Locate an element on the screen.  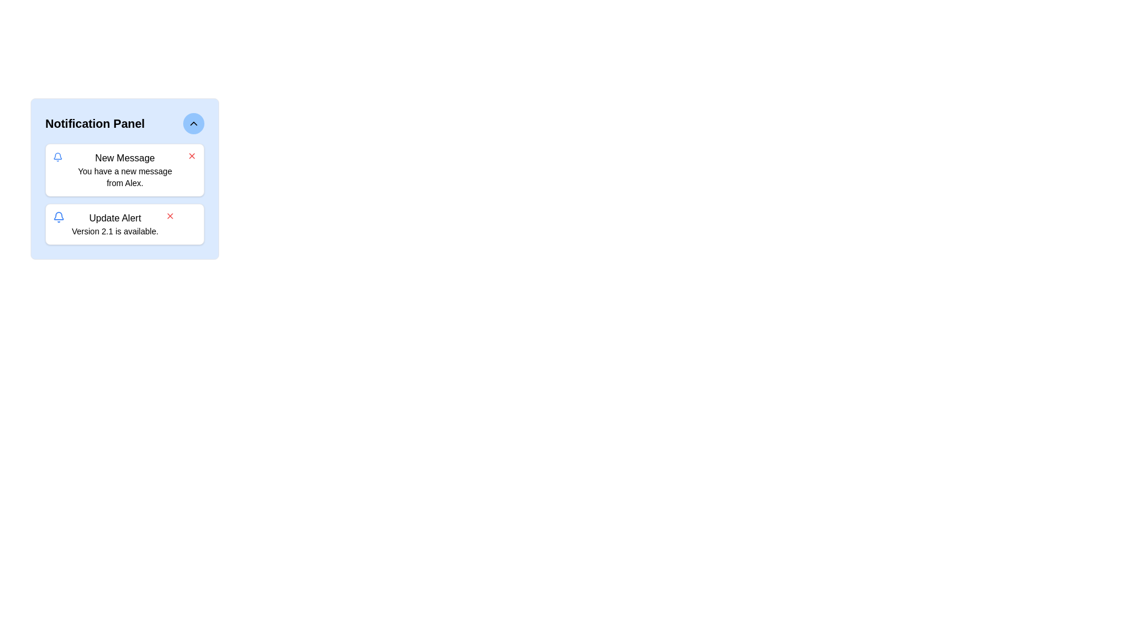
the blue outline bell icon located to the left of the 'New Message You have a new message from Alex.' text in the notification card is located at coordinates (57, 156).